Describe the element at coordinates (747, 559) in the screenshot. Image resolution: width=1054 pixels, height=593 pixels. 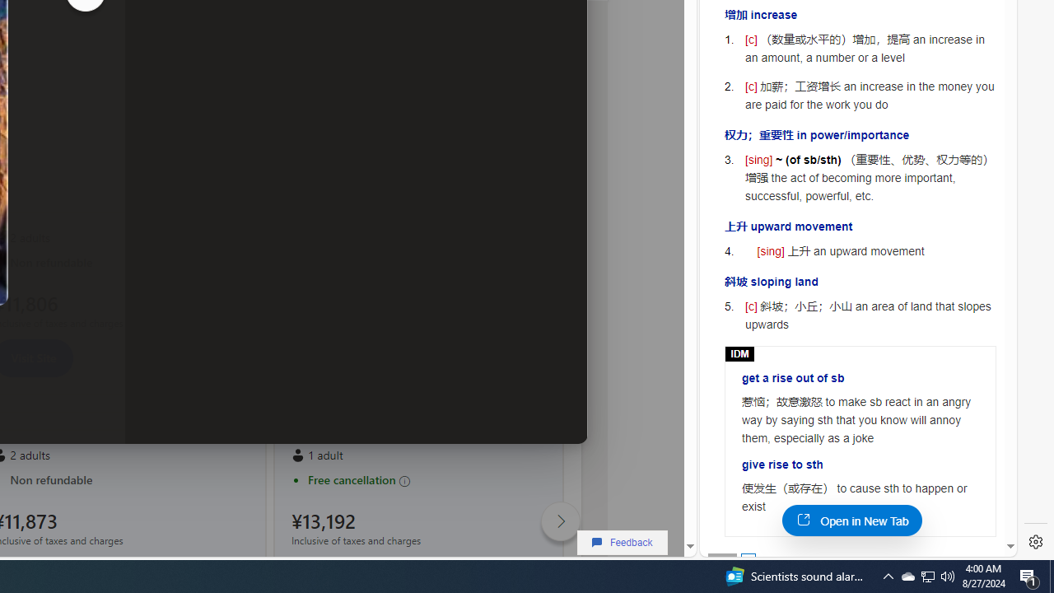
I see `'AutomationID: posbtn_1'` at that location.